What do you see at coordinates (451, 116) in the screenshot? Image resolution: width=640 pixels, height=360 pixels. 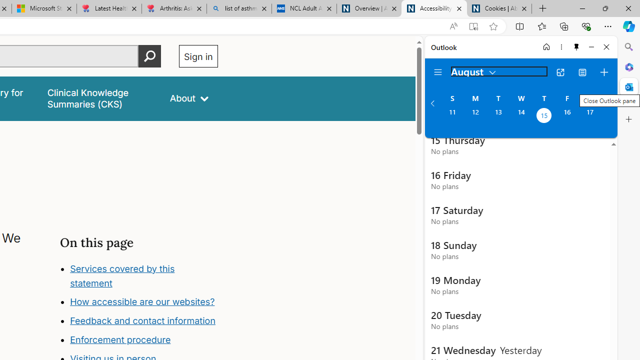 I see `'Sunday, August 11, 2024. '` at bounding box center [451, 116].